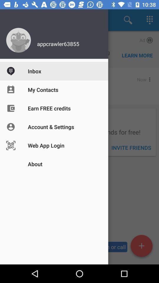 Image resolution: width=159 pixels, height=283 pixels. Describe the element at coordinates (84, 42) in the screenshot. I see `the username above inbox` at that location.